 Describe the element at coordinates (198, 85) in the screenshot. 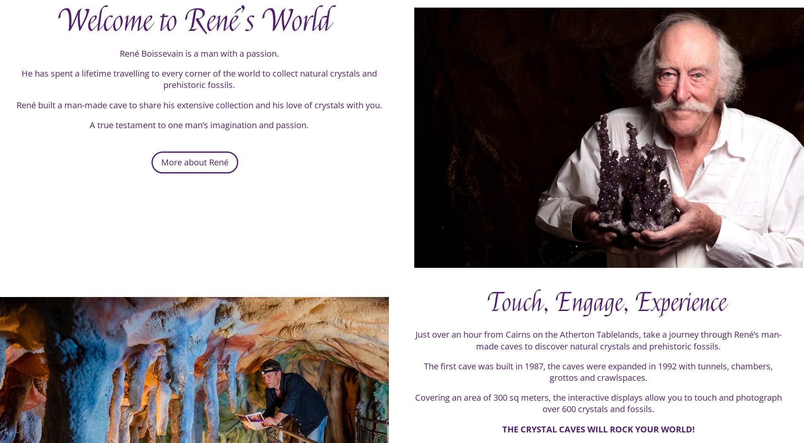

I see `'He has spent a lifetime travelling to every corner of the world to collect natural crystals and prehistoric fossils.'` at that location.